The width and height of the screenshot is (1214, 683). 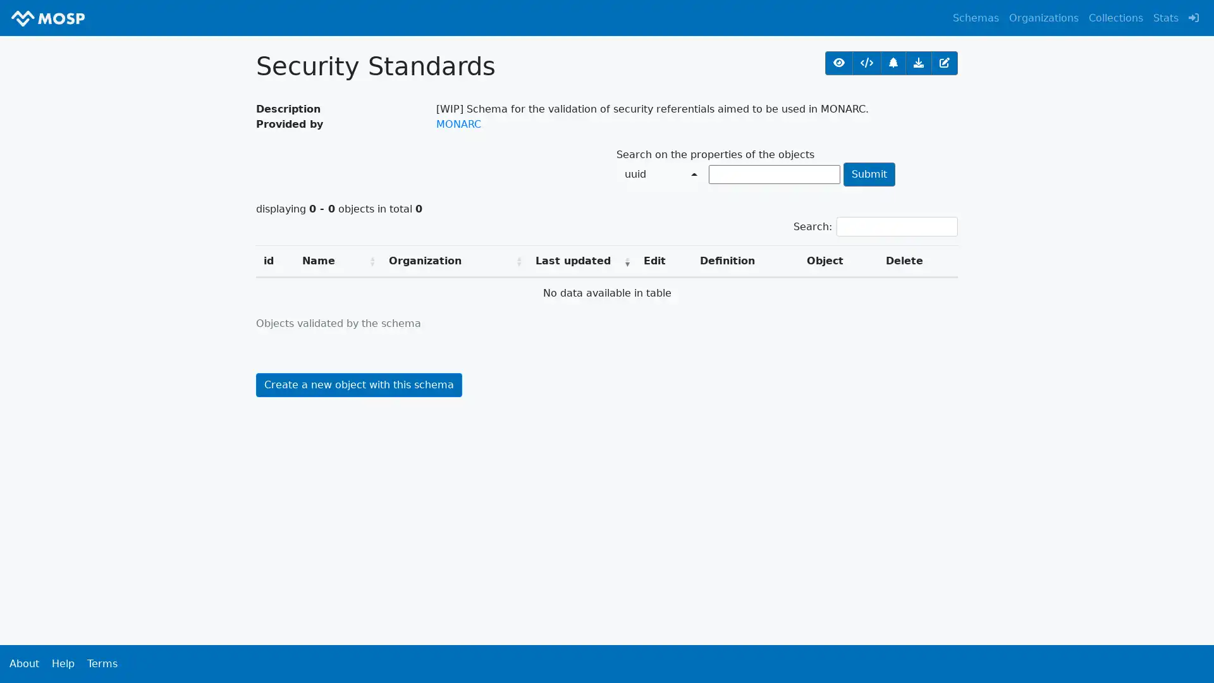 I want to click on URL of the schema definition, so click(x=866, y=63).